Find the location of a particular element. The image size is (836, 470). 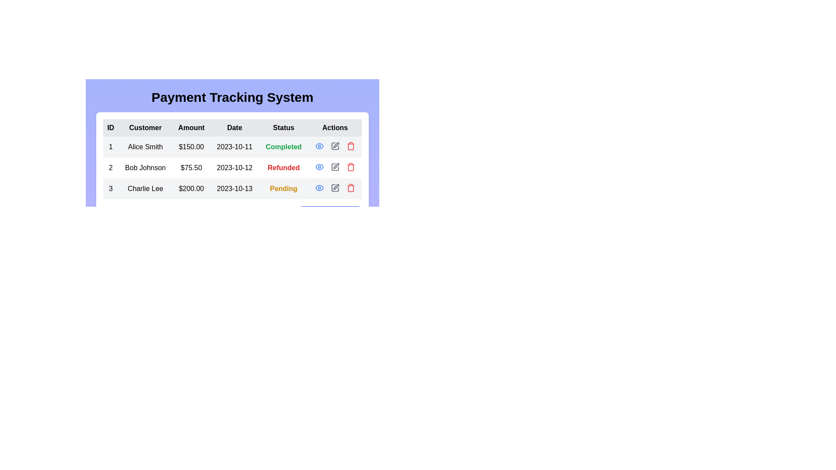

the Text label that identifies the unique ID of the record for 'Charlie Lee' in the payment tracking system, located in the first column of the table under the 'ID' header is located at coordinates (110, 188).